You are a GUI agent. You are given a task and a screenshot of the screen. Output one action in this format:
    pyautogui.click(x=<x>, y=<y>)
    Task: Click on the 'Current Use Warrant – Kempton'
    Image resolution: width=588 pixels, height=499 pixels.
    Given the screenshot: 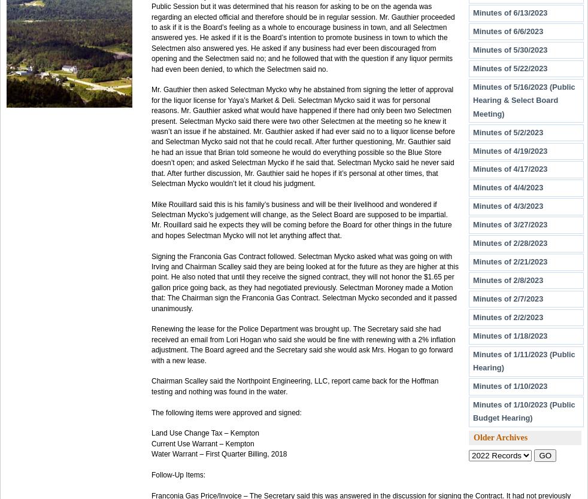 What is the action you would take?
    pyautogui.click(x=202, y=443)
    